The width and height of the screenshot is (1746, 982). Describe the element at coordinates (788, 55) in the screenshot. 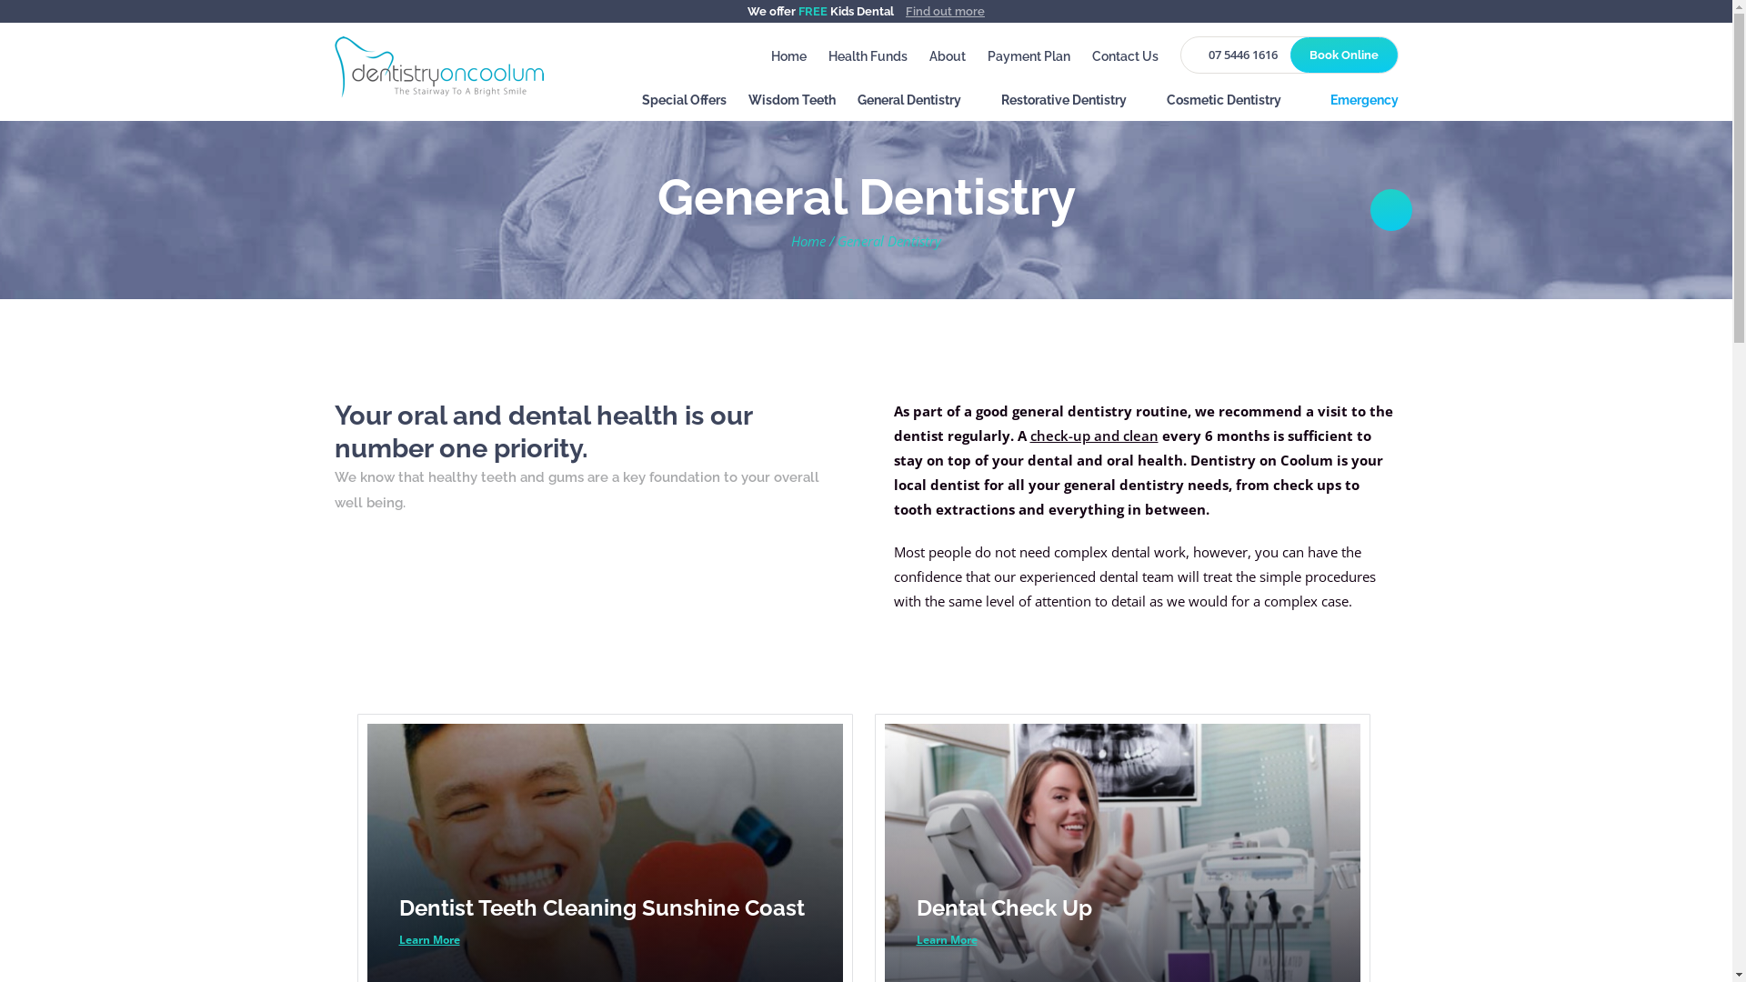

I see `'Home'` at that location.